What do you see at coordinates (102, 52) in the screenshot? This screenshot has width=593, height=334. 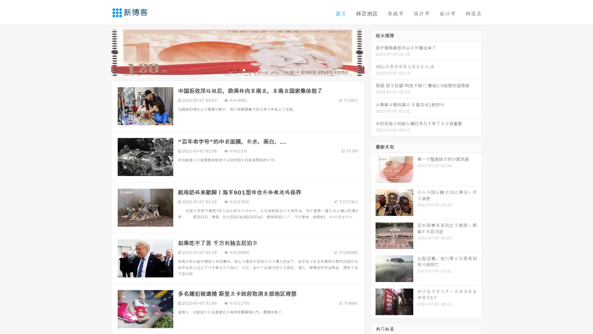 I see `Previous slide` at bounding box center [102, 52].